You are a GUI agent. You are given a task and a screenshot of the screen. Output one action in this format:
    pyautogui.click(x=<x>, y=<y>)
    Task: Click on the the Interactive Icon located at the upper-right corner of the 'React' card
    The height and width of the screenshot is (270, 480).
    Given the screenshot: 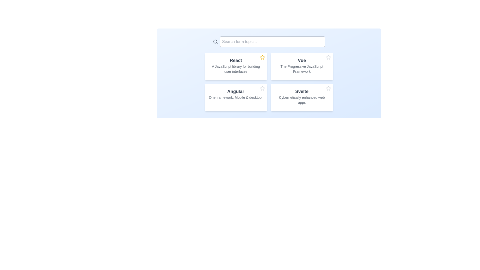 What is the action you would take?
    pyautogui.click(x=262, y=57)
    